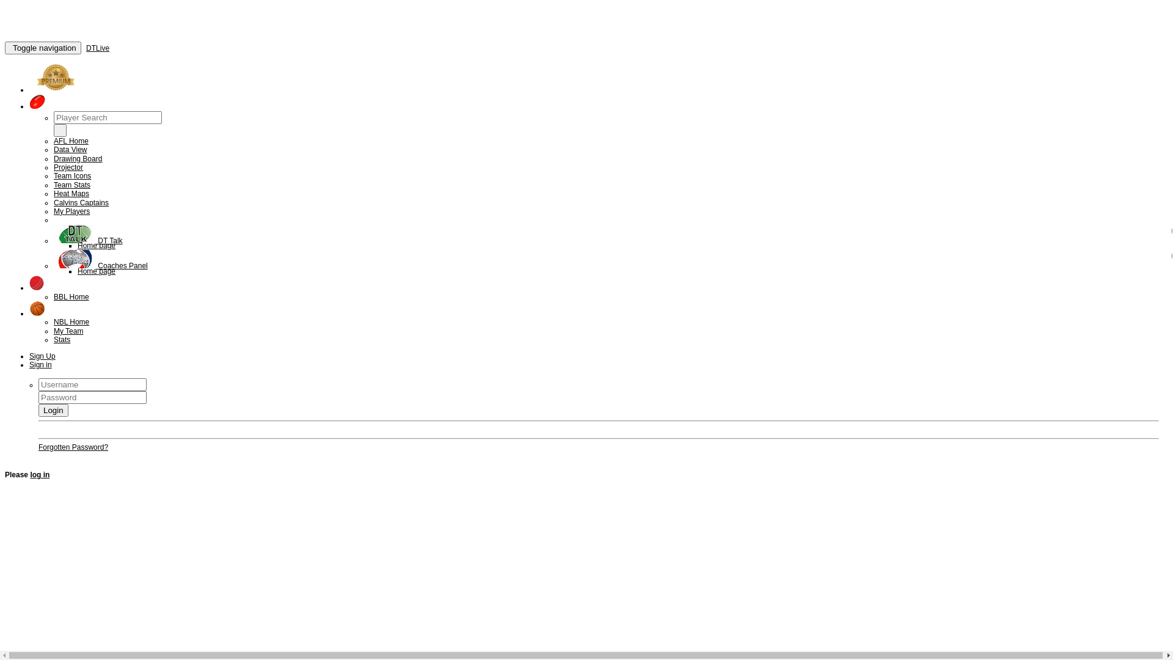 The image size is (1173, 660). Describe the element at coordinates (70, 149) in the screenshot. I see `'Data View'` at that location.